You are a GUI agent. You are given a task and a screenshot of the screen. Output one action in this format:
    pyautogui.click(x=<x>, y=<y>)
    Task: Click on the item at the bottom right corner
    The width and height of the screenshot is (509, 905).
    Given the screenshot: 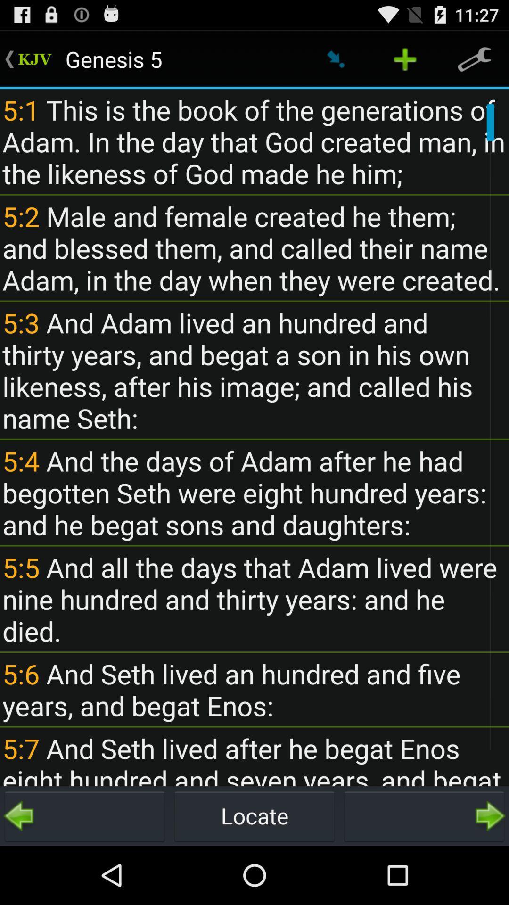 What is the action you would take?
    pyautogui.click(x=423, y=815)
    